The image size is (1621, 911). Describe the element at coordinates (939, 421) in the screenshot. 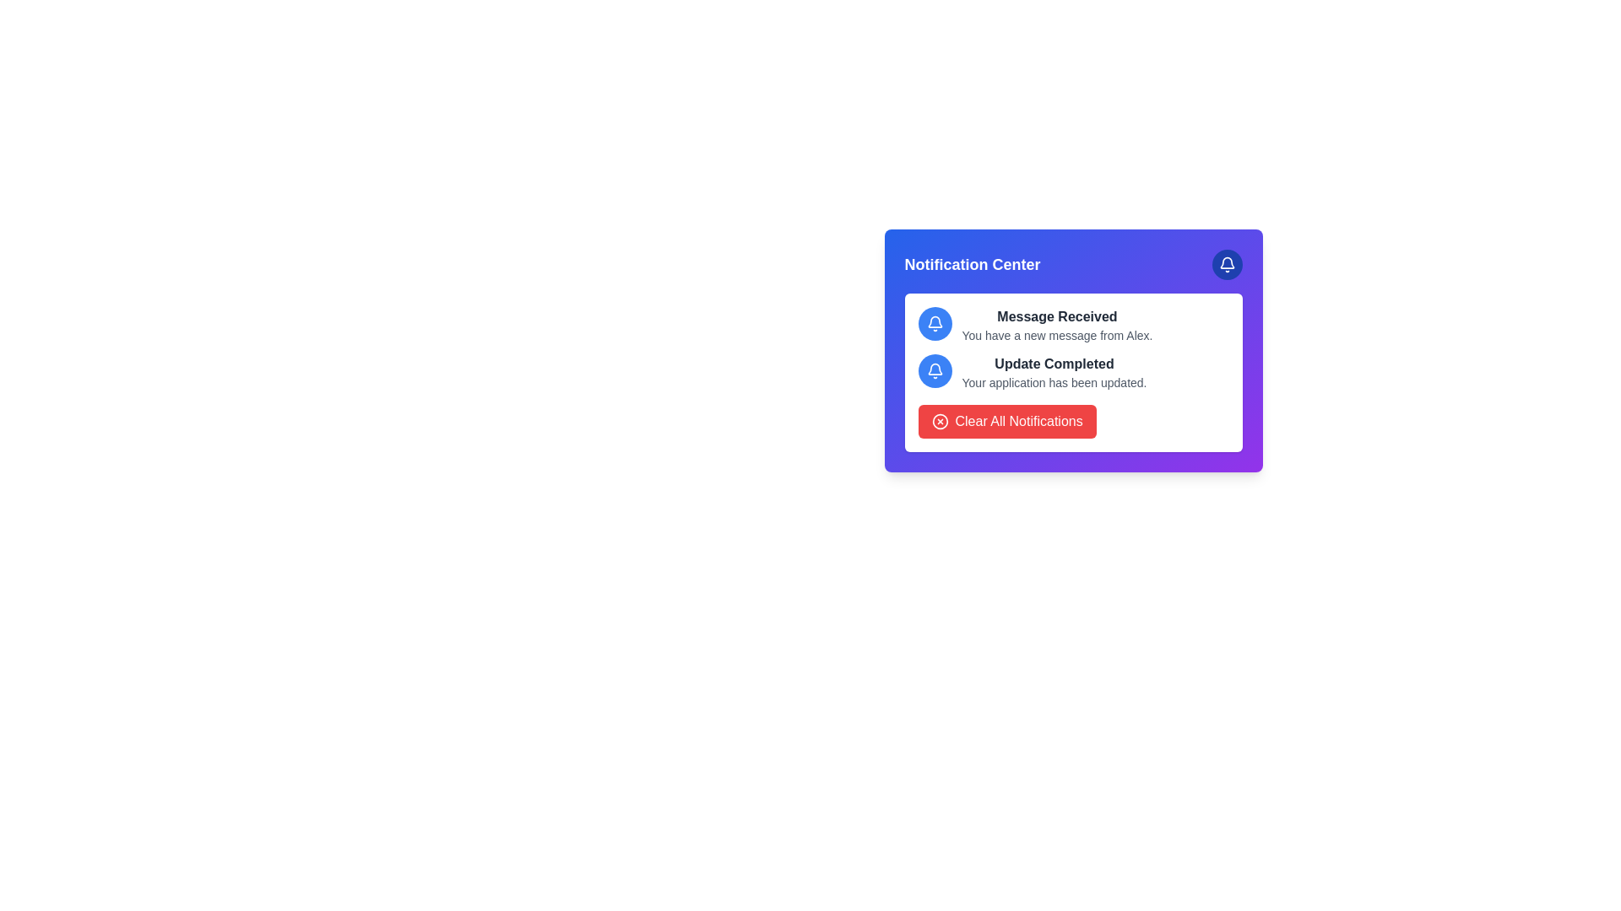

I see `the icon embedded in the 'Clear All Notifications' button, which represents the action of clearing all notifications, located near the bottom-center of the notification panel` at that location.